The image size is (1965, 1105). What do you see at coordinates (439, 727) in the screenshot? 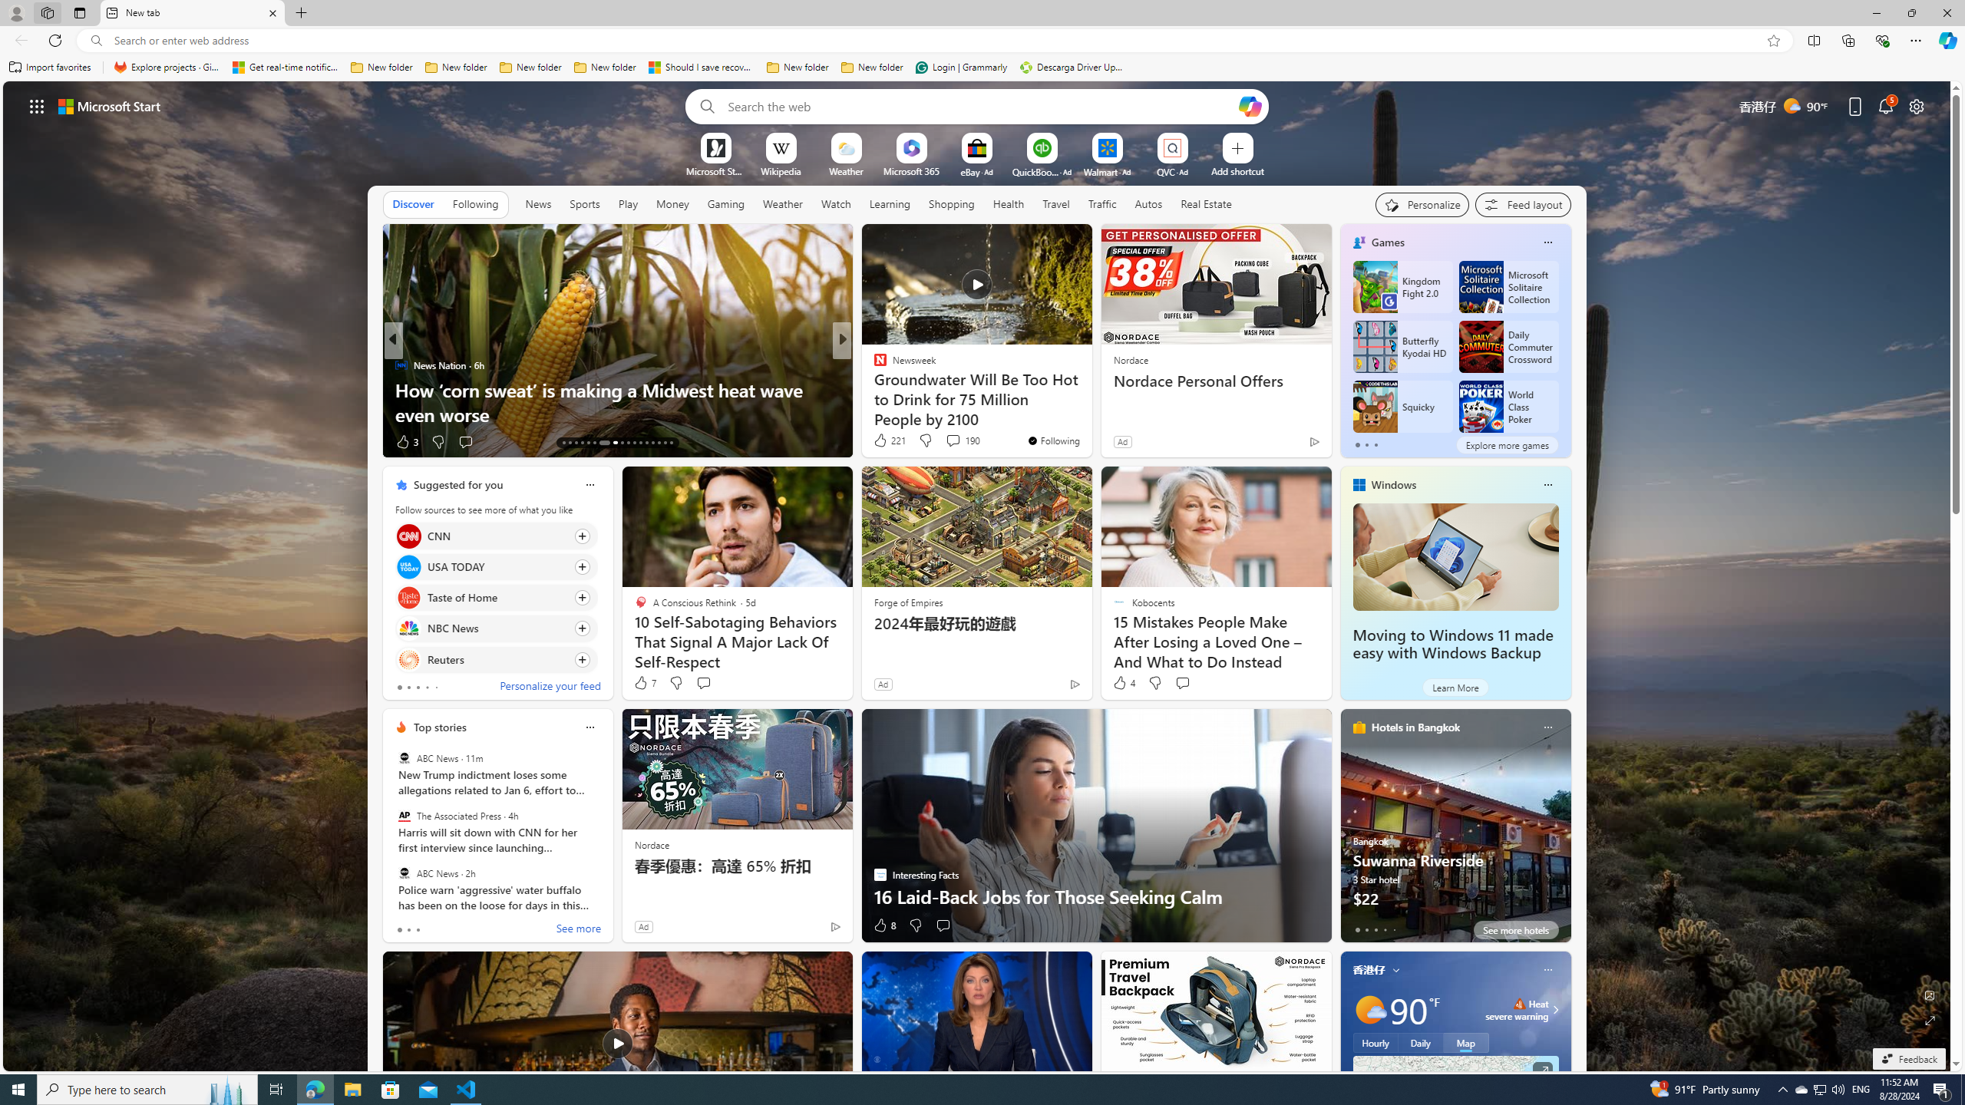
I see `'Top stories'` at bounding box center [439, 727].